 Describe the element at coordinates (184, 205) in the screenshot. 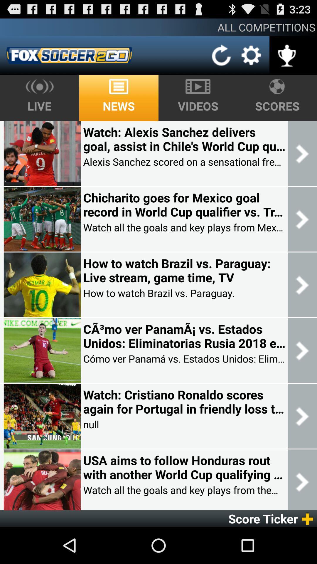

I see `the app above the watch all the` at that location.